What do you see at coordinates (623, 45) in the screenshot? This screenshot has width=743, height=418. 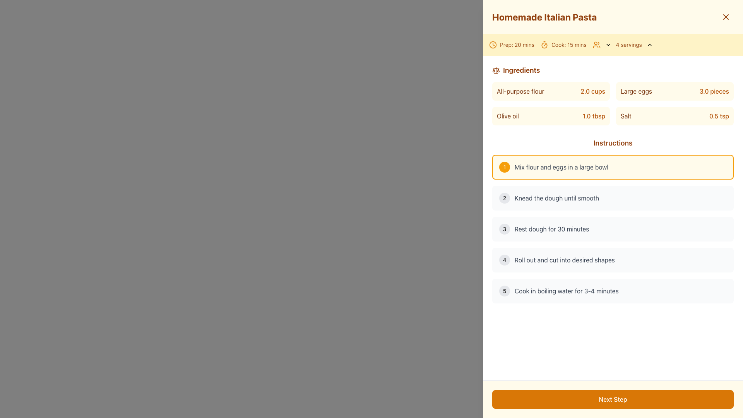 I see `the text element reading '4 servings' in amber color, located in the header section of the card below the title 'Homemade Italian Pasta'` at bounding box center [623, 45].